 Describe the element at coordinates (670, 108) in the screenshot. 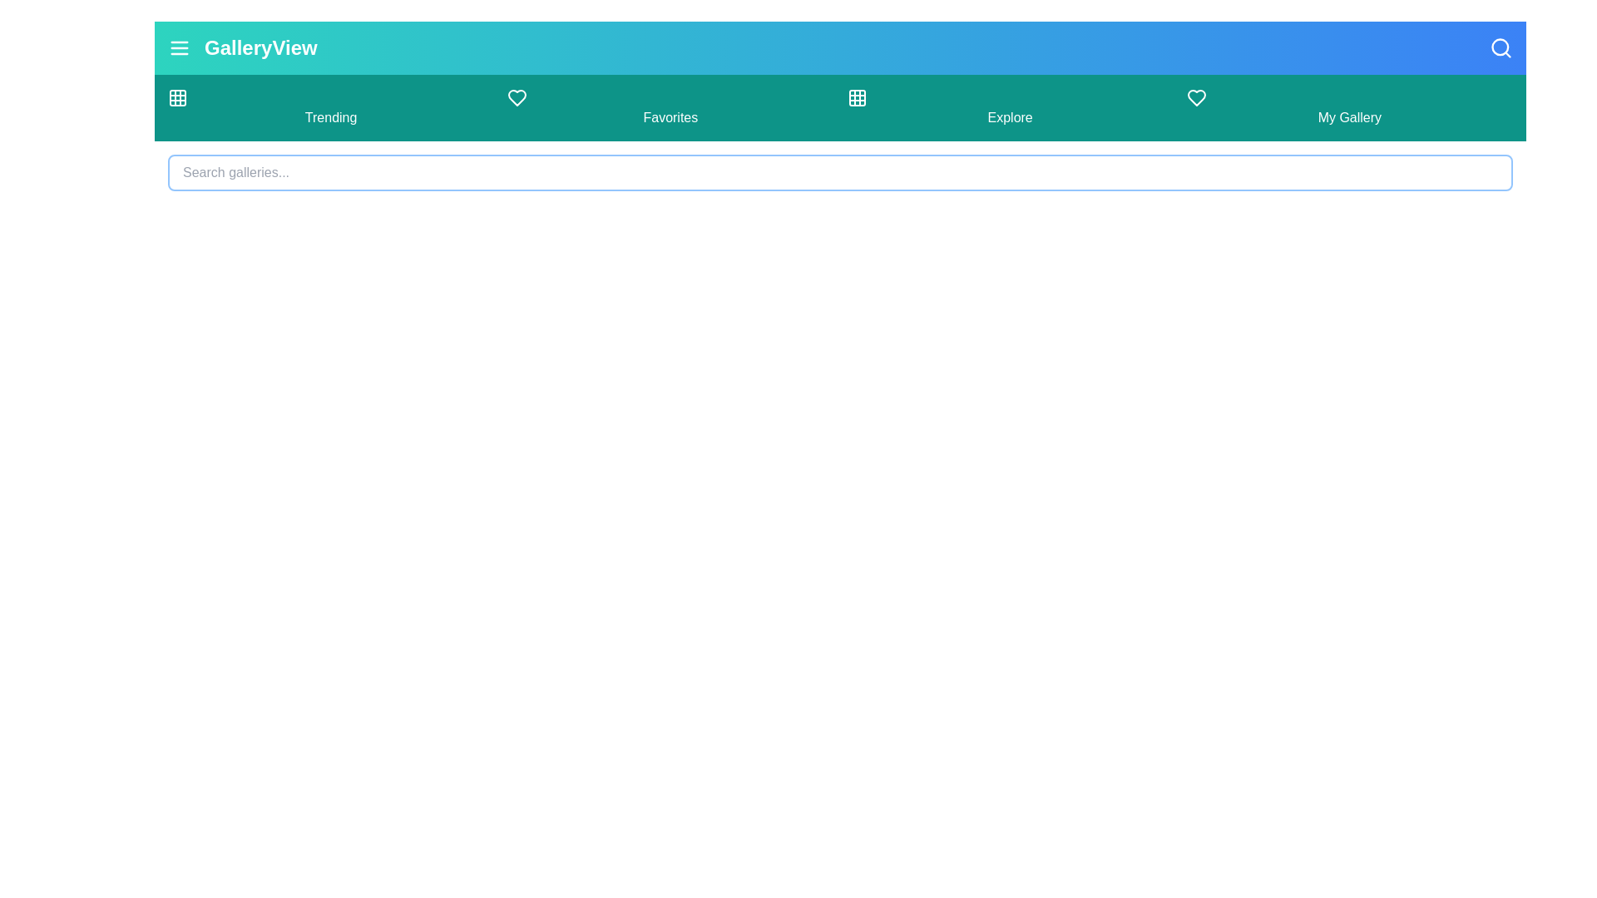

I see `the menu item labeled Favorites in the navigation drawer` at that location.